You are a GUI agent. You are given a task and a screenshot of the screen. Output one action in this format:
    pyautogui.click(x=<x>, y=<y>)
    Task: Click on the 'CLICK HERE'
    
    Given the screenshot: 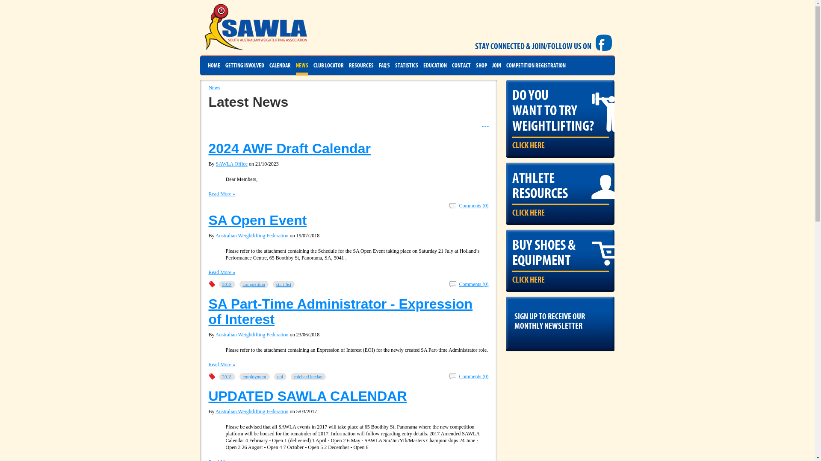 What is the action you would take?
    pyautogui.click(x=528, y=145)
    